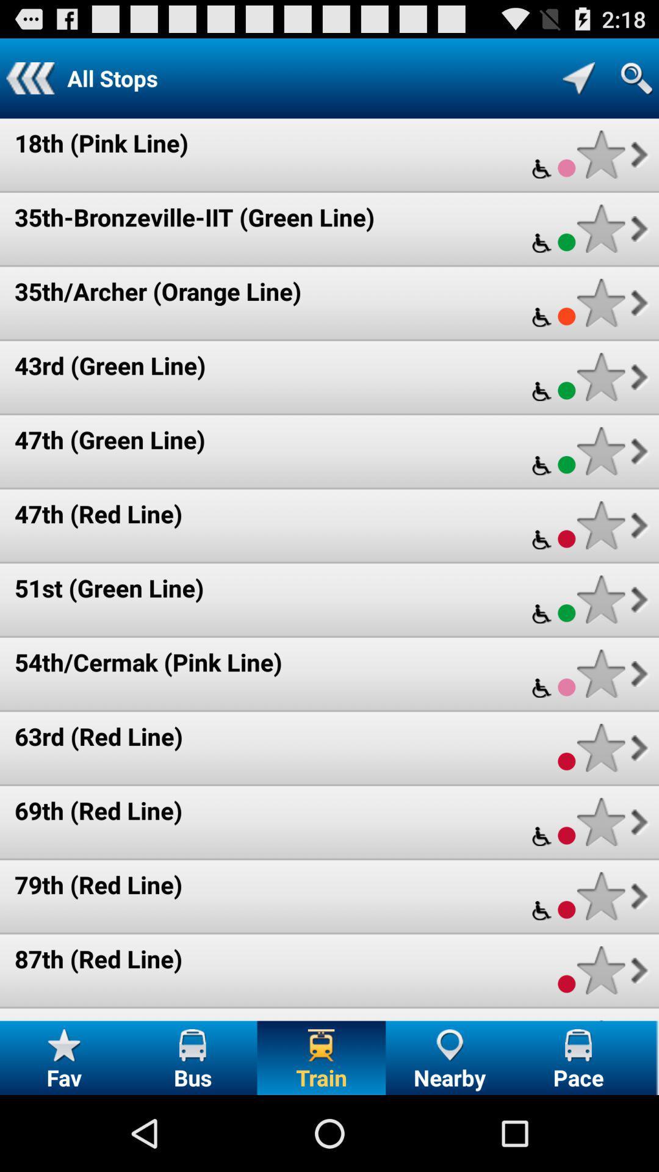 This screenshot has width=659, height=1172. Describe the element at coordinates (600, 969) in the screenshot. I see `87th` at that location.